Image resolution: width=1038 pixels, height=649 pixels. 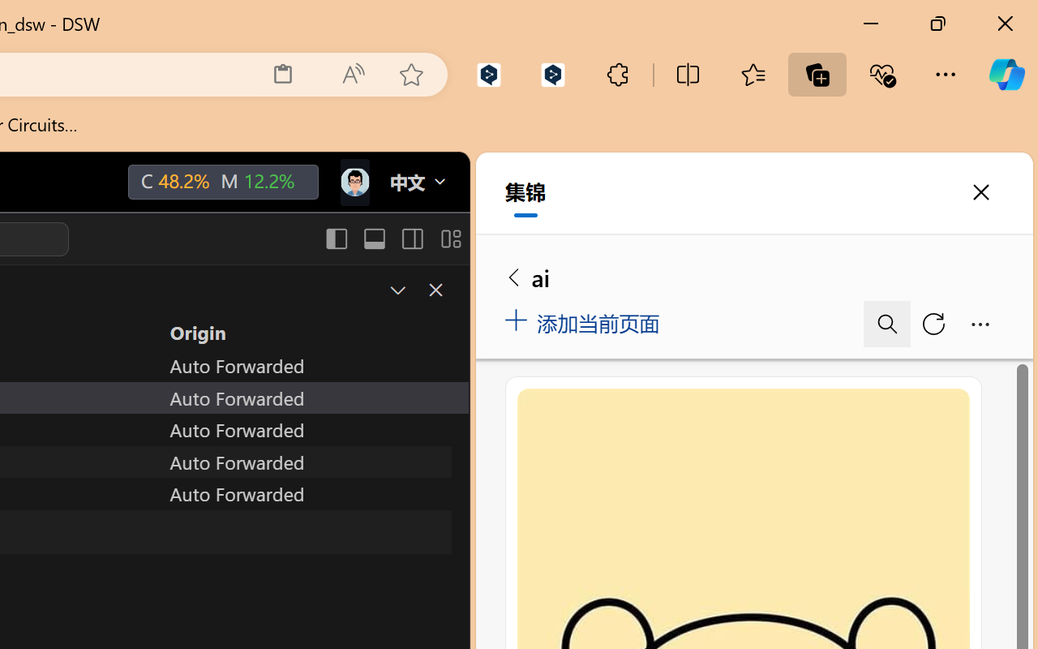 I want to click on 'Restore Panel Size', so click(x=396, y=290).